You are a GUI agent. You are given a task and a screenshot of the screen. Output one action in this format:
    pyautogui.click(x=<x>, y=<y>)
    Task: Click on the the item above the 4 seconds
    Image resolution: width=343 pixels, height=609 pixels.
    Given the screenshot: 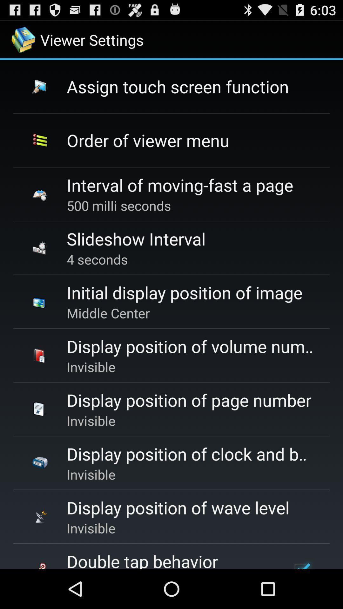 What is the action you would take?
    pyautogui.click(x=136, y=238)
    